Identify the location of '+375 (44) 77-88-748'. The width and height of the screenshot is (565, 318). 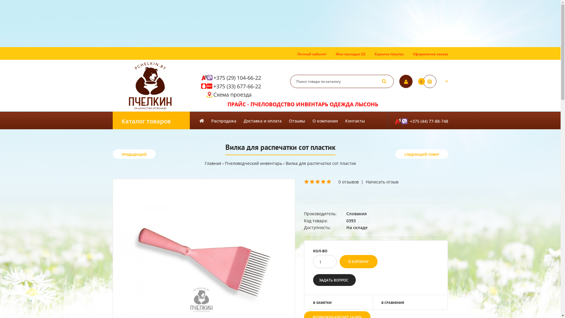
(417, 120).